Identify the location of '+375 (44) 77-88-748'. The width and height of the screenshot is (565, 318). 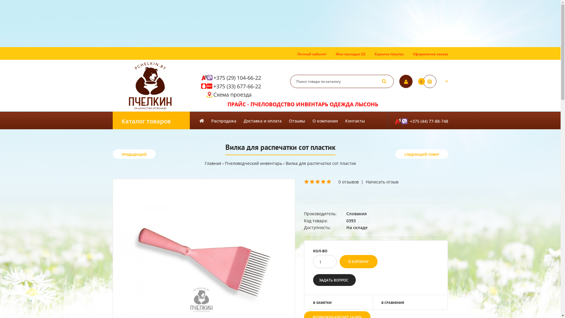
(417, 120).